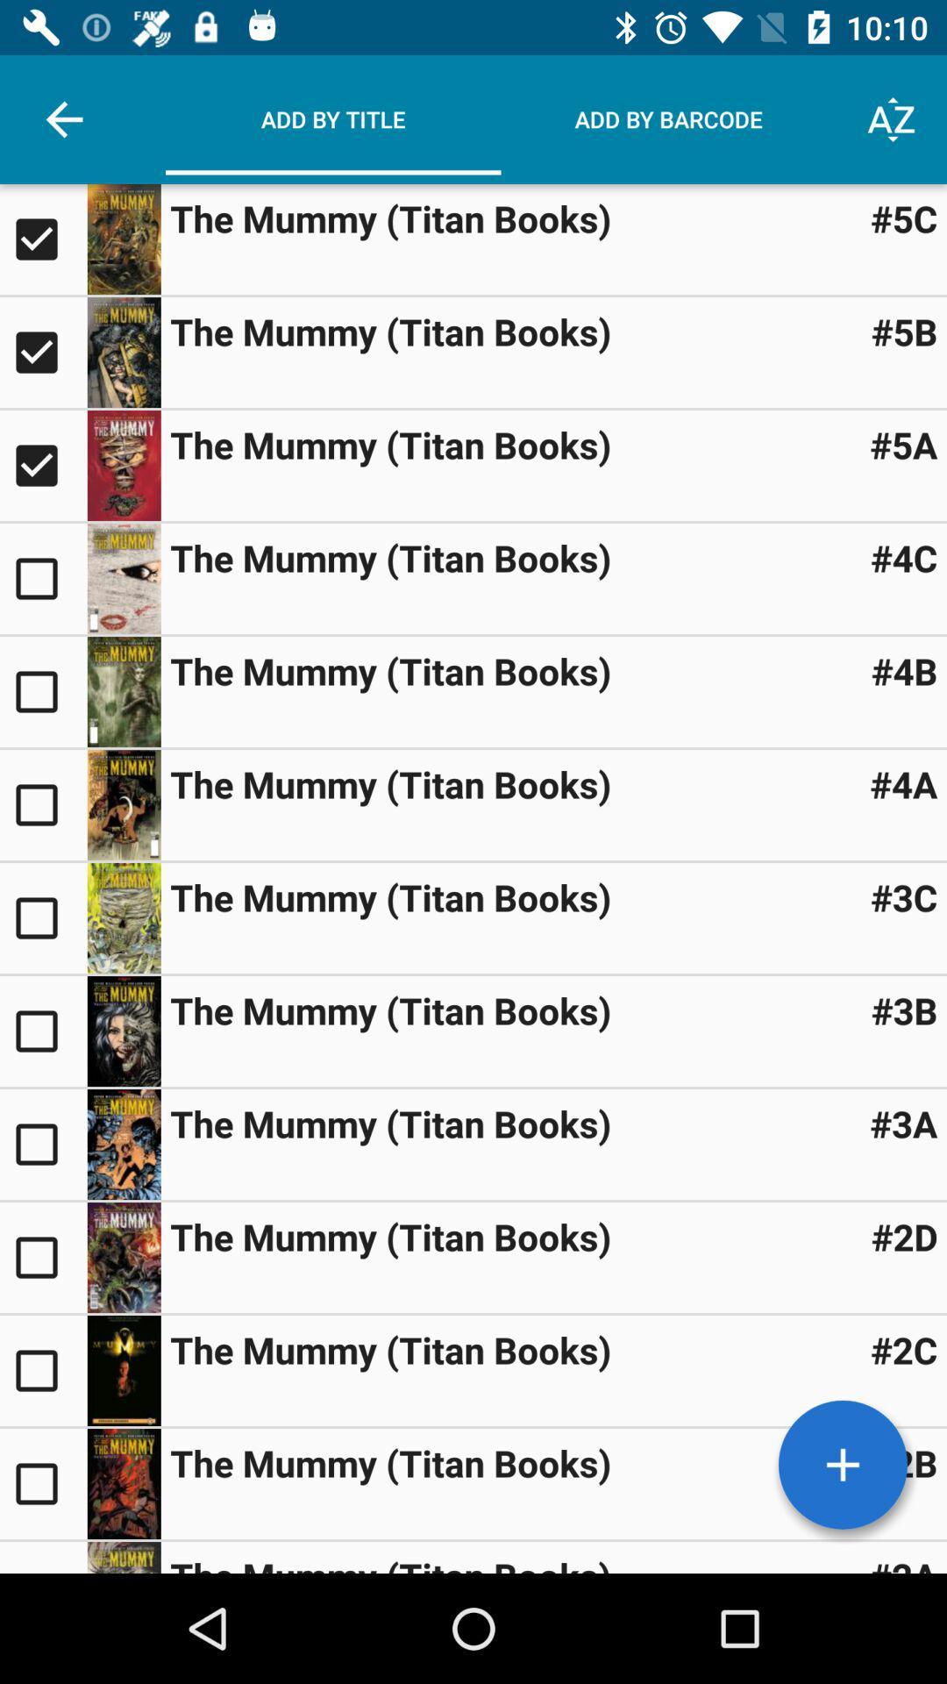 The height and width of the screenshot is (1684, 947). I want to click on book select checkbox, so click(42, 239).